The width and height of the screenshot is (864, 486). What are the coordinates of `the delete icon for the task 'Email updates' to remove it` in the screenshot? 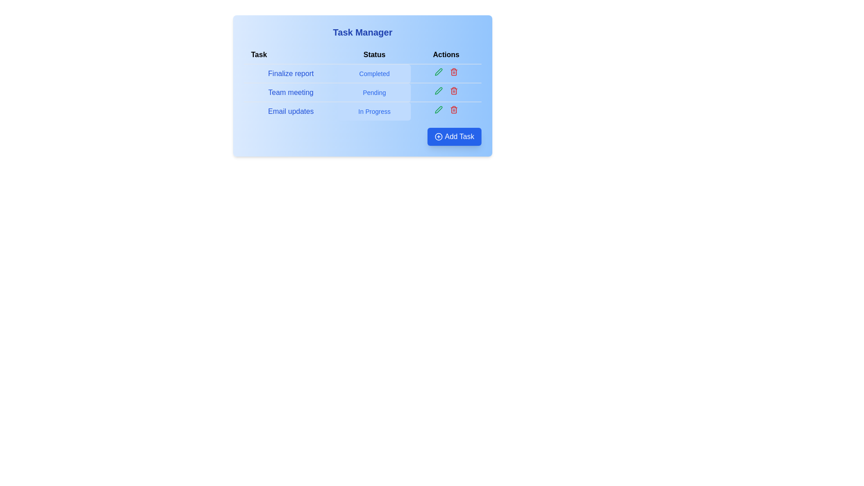 It's located at (454, 109).